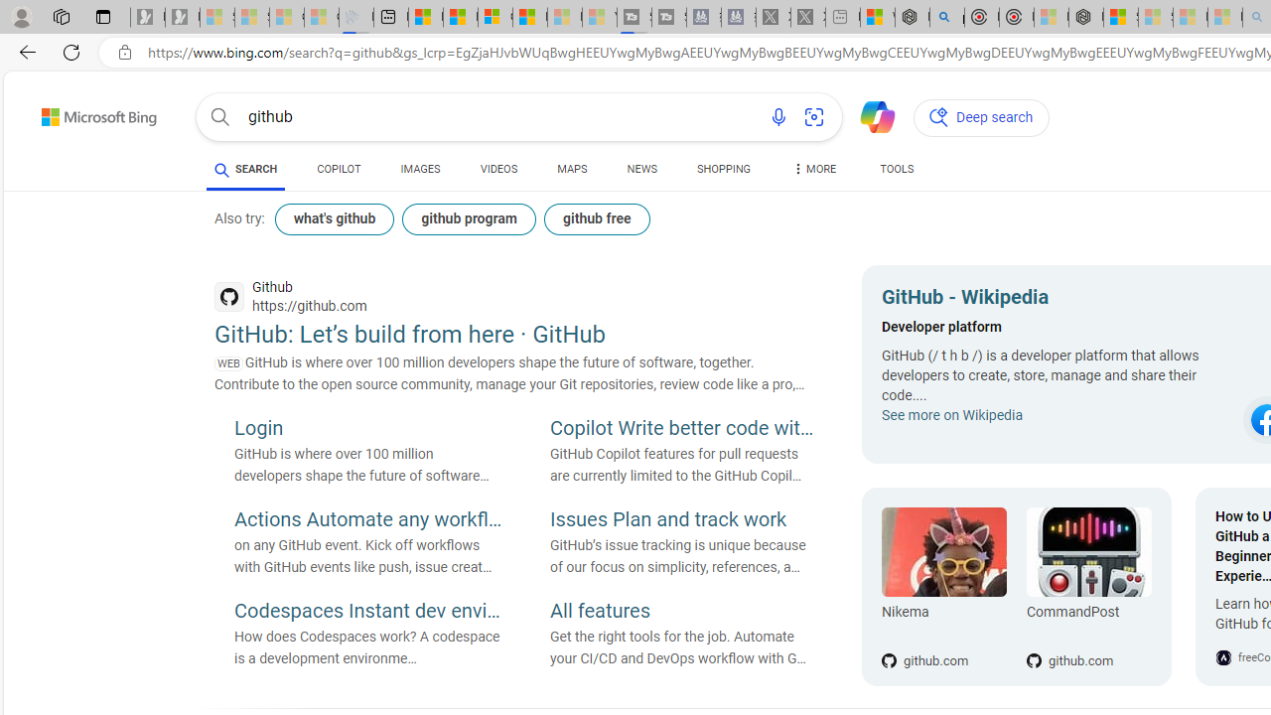 Image resolution: width=1271 pixels, height=715 pixels. What do you see at coordinates (339, 169) in the screenshot?
I see `'COPILOT'` at bounding box center [339, 169].